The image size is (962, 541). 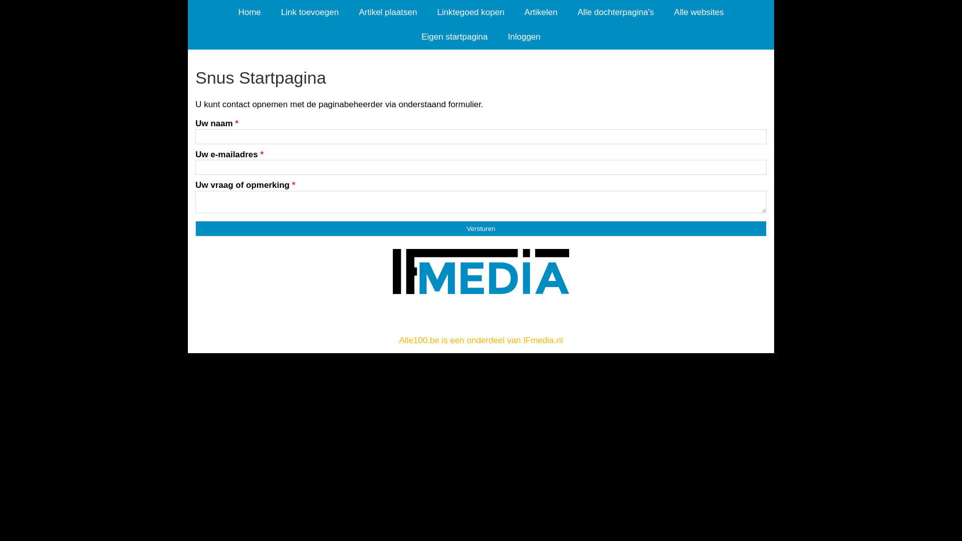 What do you see at coordinates (524, 36) in the screenshot?
I see `'Inloggen'` at bounding box center [524, 36].